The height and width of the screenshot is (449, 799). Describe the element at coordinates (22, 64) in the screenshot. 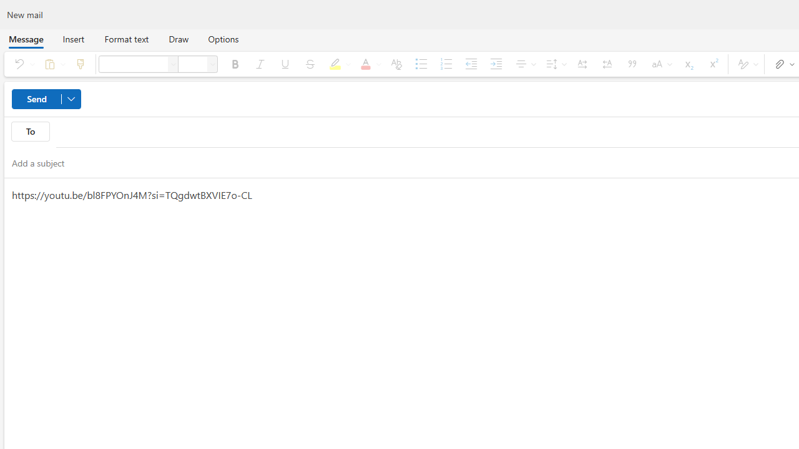

I see `'Undo'` at that location.